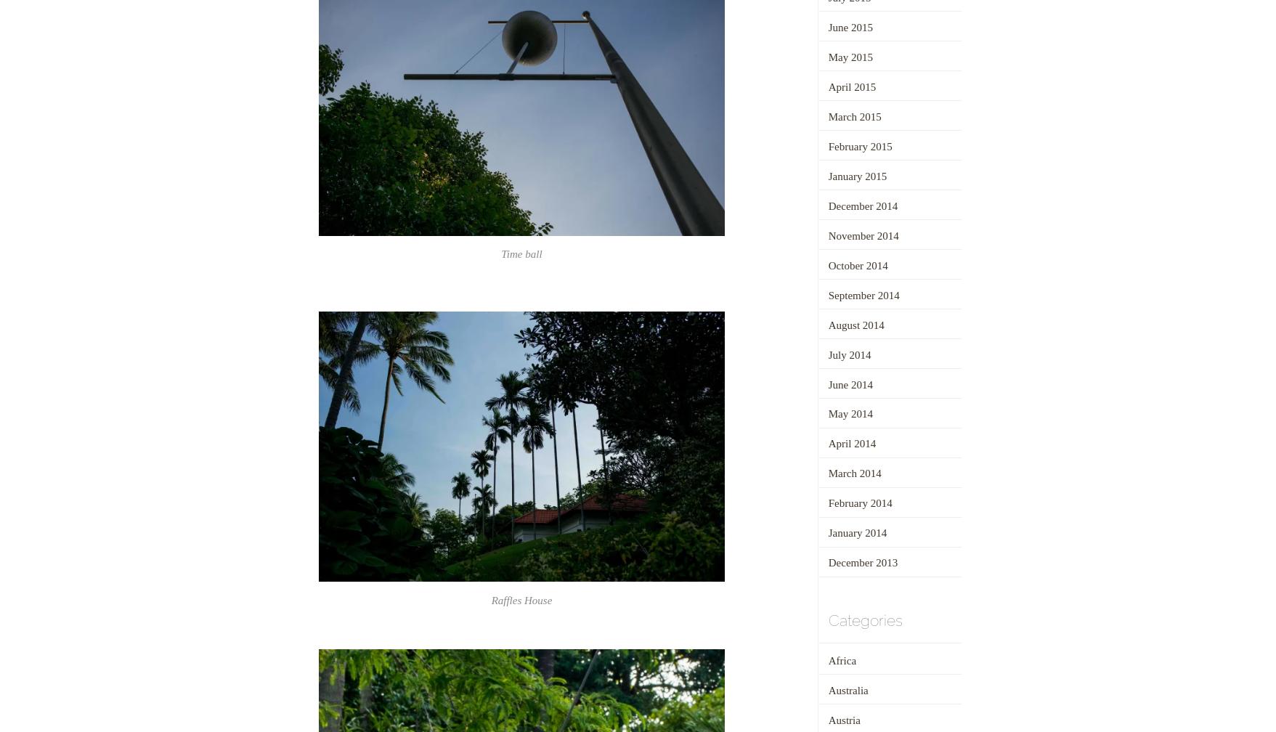 The width and height of the screenshot is (1276, 732). What do you see at coordinates (826, 562) in the screenshot?
I see `'December 2013'` at bounding box center [826, 562].